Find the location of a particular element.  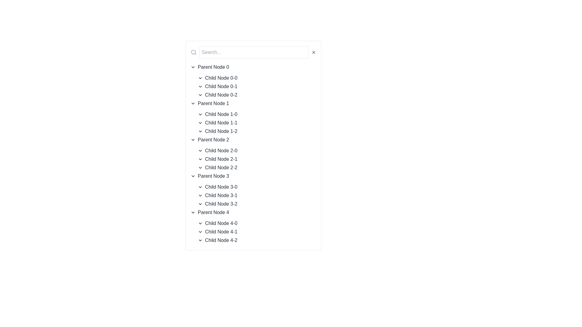

search icon represented as a gray magnifying glass located to the left of the search input field in the top section of the interface for accessibility is located at coordinates (193, 52).